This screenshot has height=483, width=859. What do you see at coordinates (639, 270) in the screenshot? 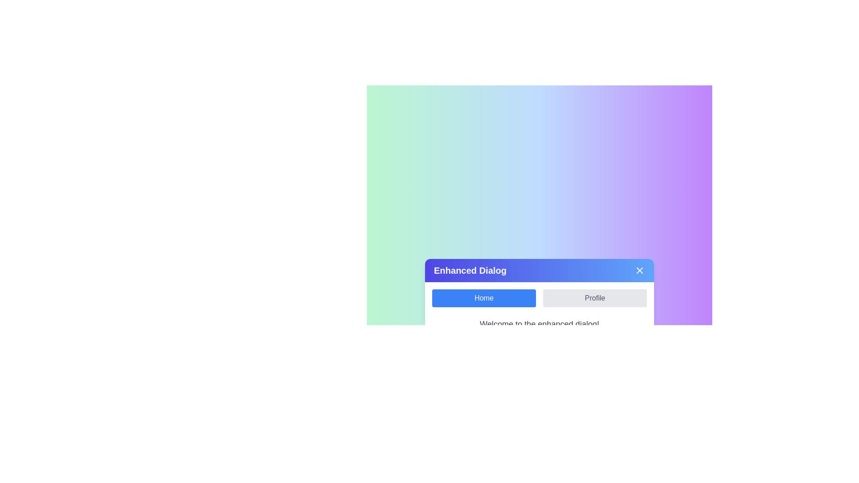
I see `the close button represented by an 'X' icon in the top-right corner of the 'Enhanced Dialog' dialog box` at bounding box center [639, 270].